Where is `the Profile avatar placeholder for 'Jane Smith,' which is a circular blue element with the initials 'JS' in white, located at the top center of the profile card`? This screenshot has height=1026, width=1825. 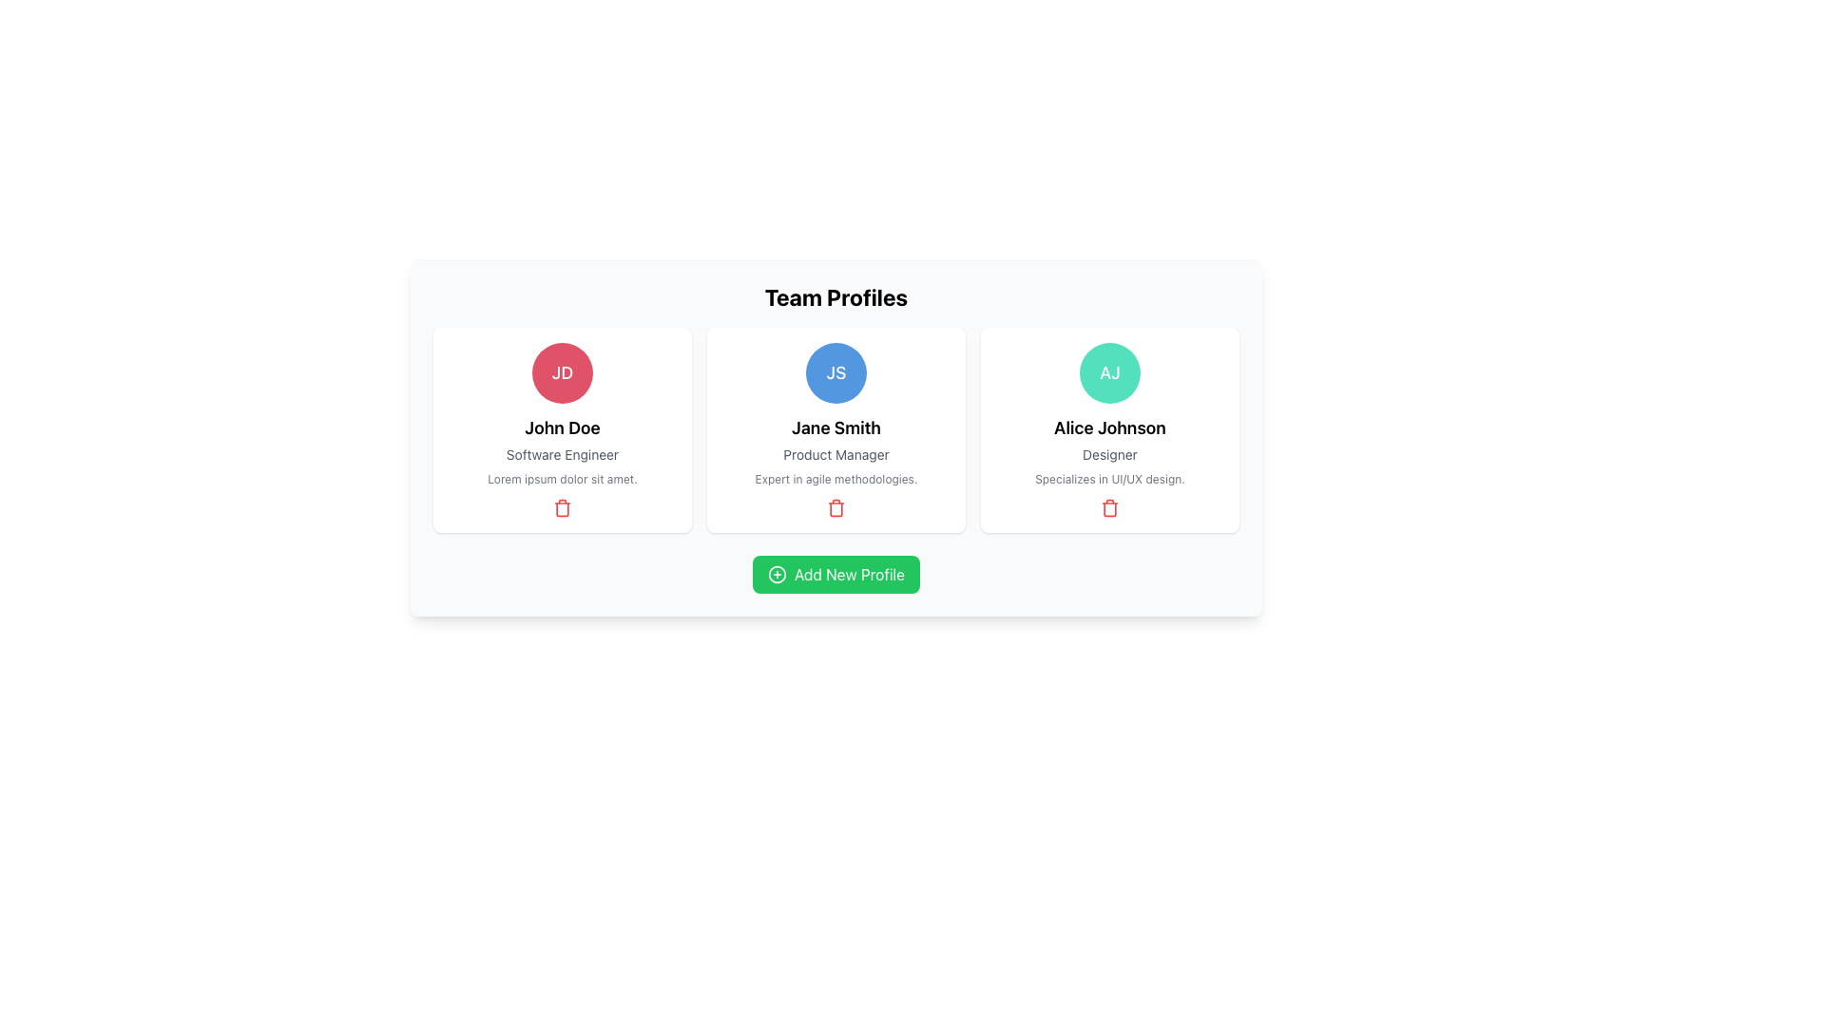
the Profile avatar placeholder for 'Jane Smith,' which is a circular blue element with the initials 'JS' in white, located at the top center of the profile card is located at coordinates (836, 373).